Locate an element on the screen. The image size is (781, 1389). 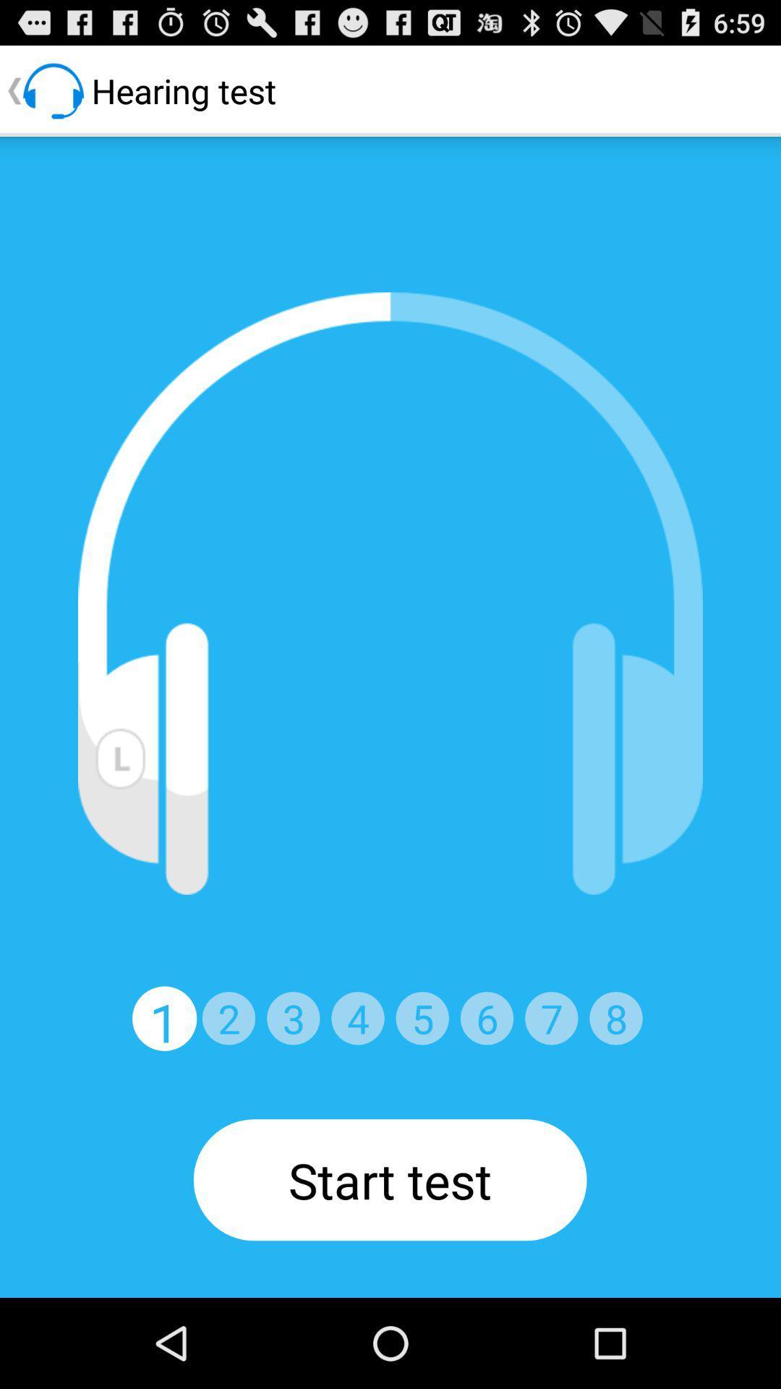
the start test button is located at coordinates (389, 1180).